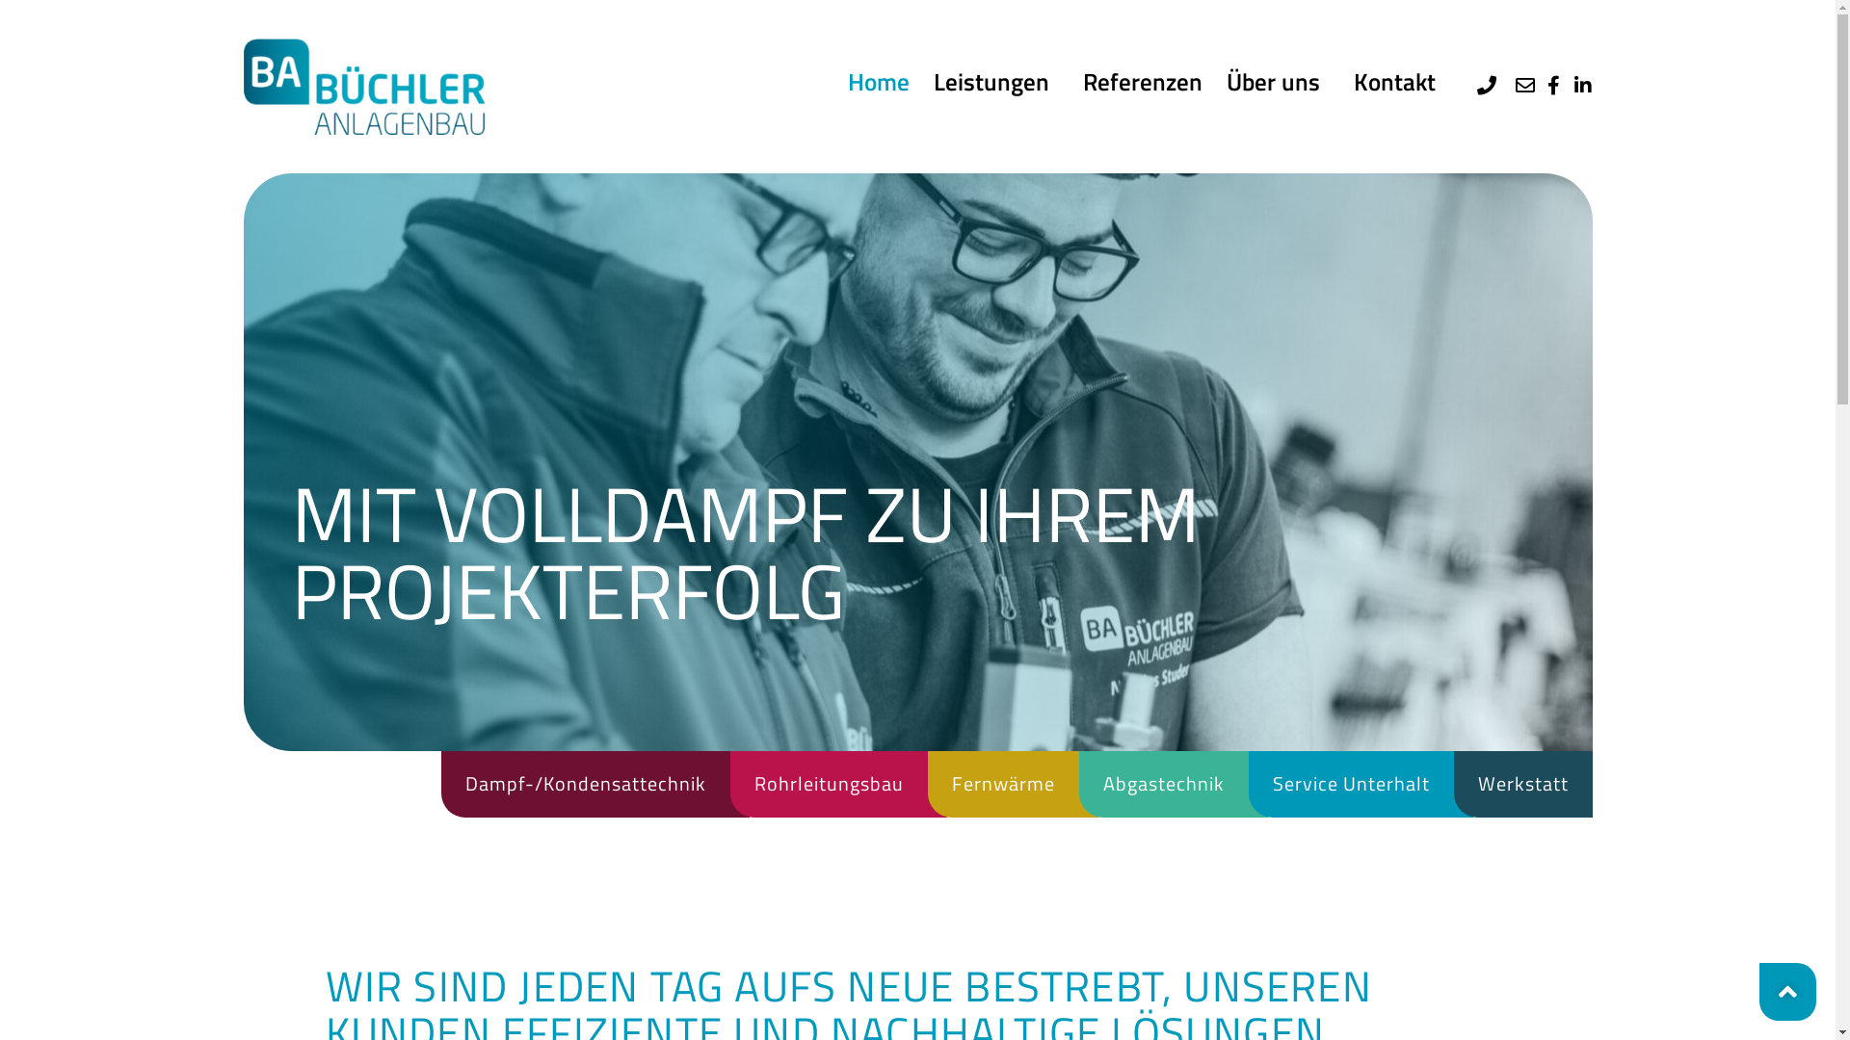 Image resolution: width=1850 pixels, height=1040 pixels. I want to click on 'Home', so click(878, 81).